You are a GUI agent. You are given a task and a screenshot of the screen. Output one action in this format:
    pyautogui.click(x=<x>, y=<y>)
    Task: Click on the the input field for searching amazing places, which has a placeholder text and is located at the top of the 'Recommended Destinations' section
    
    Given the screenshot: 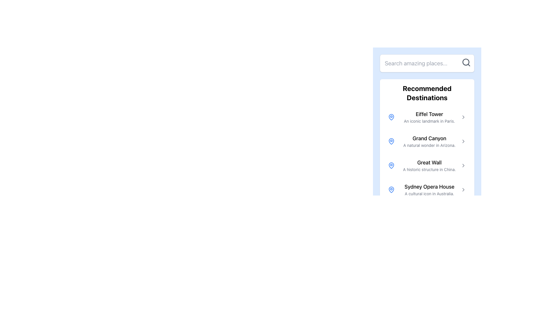 What is the action you would take?
    pyautogui.click(x=427, y=63)
    